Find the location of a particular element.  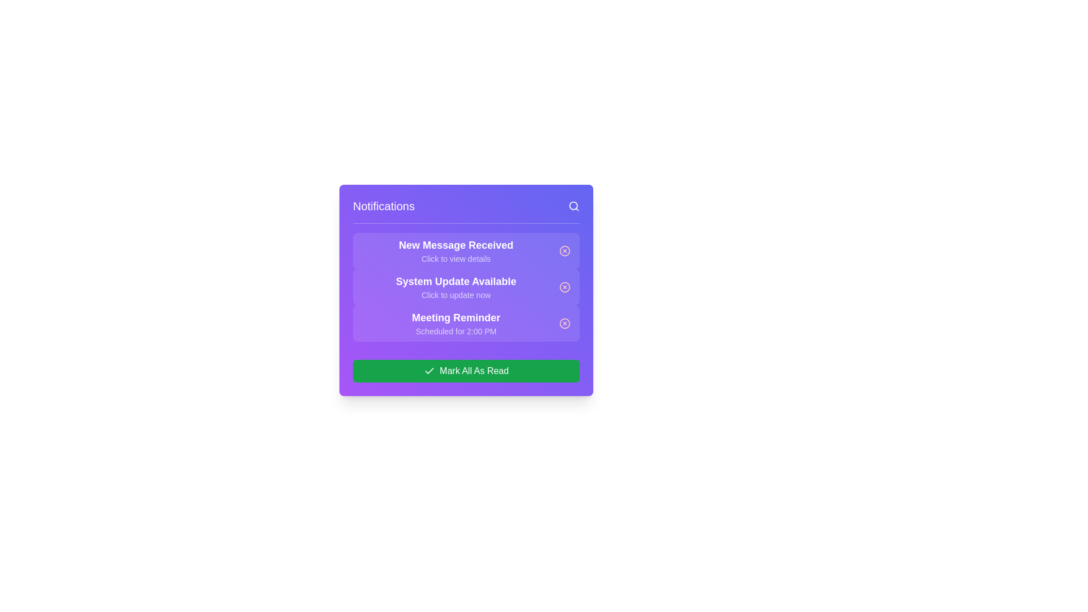

the dismiss icon button located on the far-right side of the 'Meeting Reminder' notification is located at coordinates (565, 323).